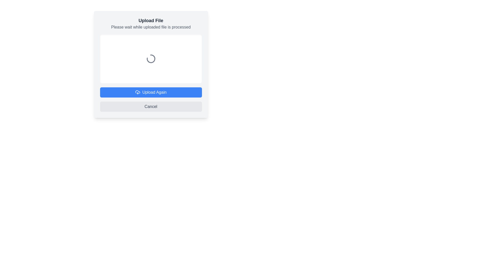 This screenshot has width=489, height=275. Describe the element at coordinates (151, 92) in the screenshot. I see `the upload button located above the 'Cancel' button` at that location.